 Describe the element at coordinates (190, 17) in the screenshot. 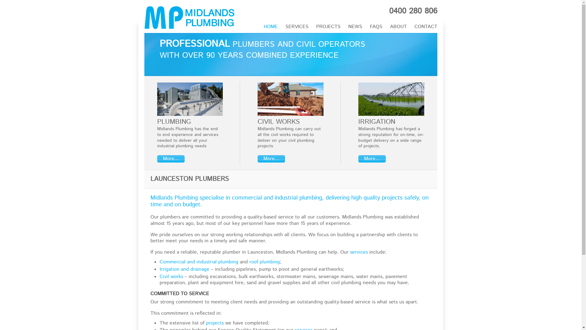

I see `'Midlands Plumbing'` at that location.